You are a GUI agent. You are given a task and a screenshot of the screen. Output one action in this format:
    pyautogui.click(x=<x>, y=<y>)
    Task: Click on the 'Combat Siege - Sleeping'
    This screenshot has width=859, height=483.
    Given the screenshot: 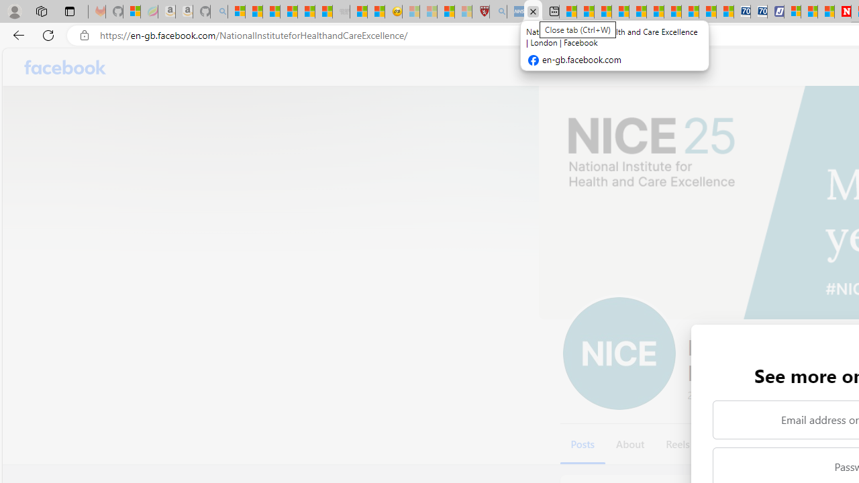 What is the action you would take?
    pyautogui.click(x=341, y=11)
    